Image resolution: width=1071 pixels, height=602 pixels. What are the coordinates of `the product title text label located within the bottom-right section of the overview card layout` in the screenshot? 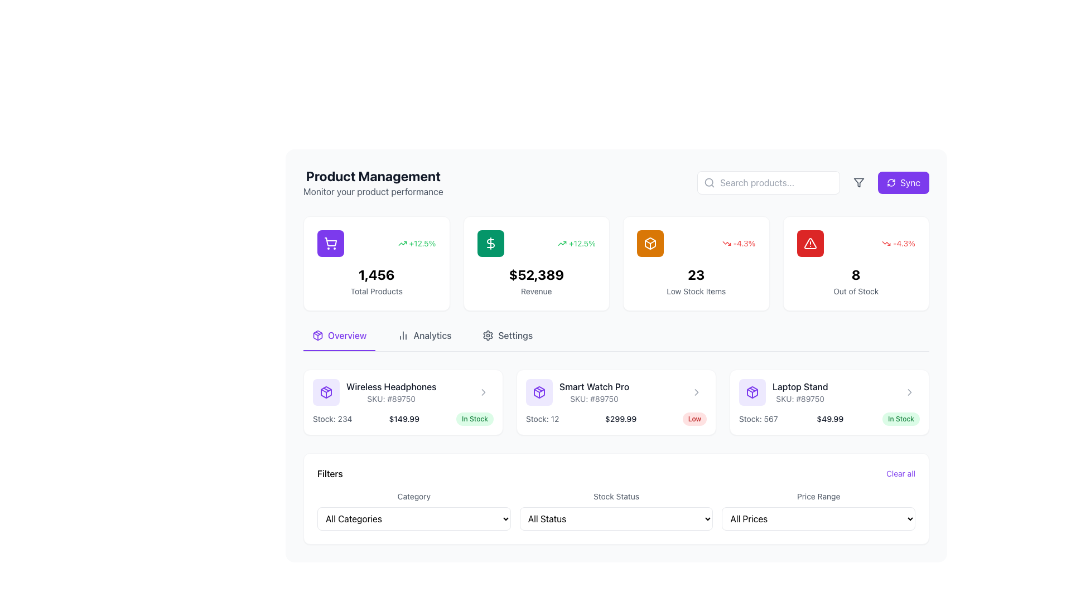 It's located at (799, 386).